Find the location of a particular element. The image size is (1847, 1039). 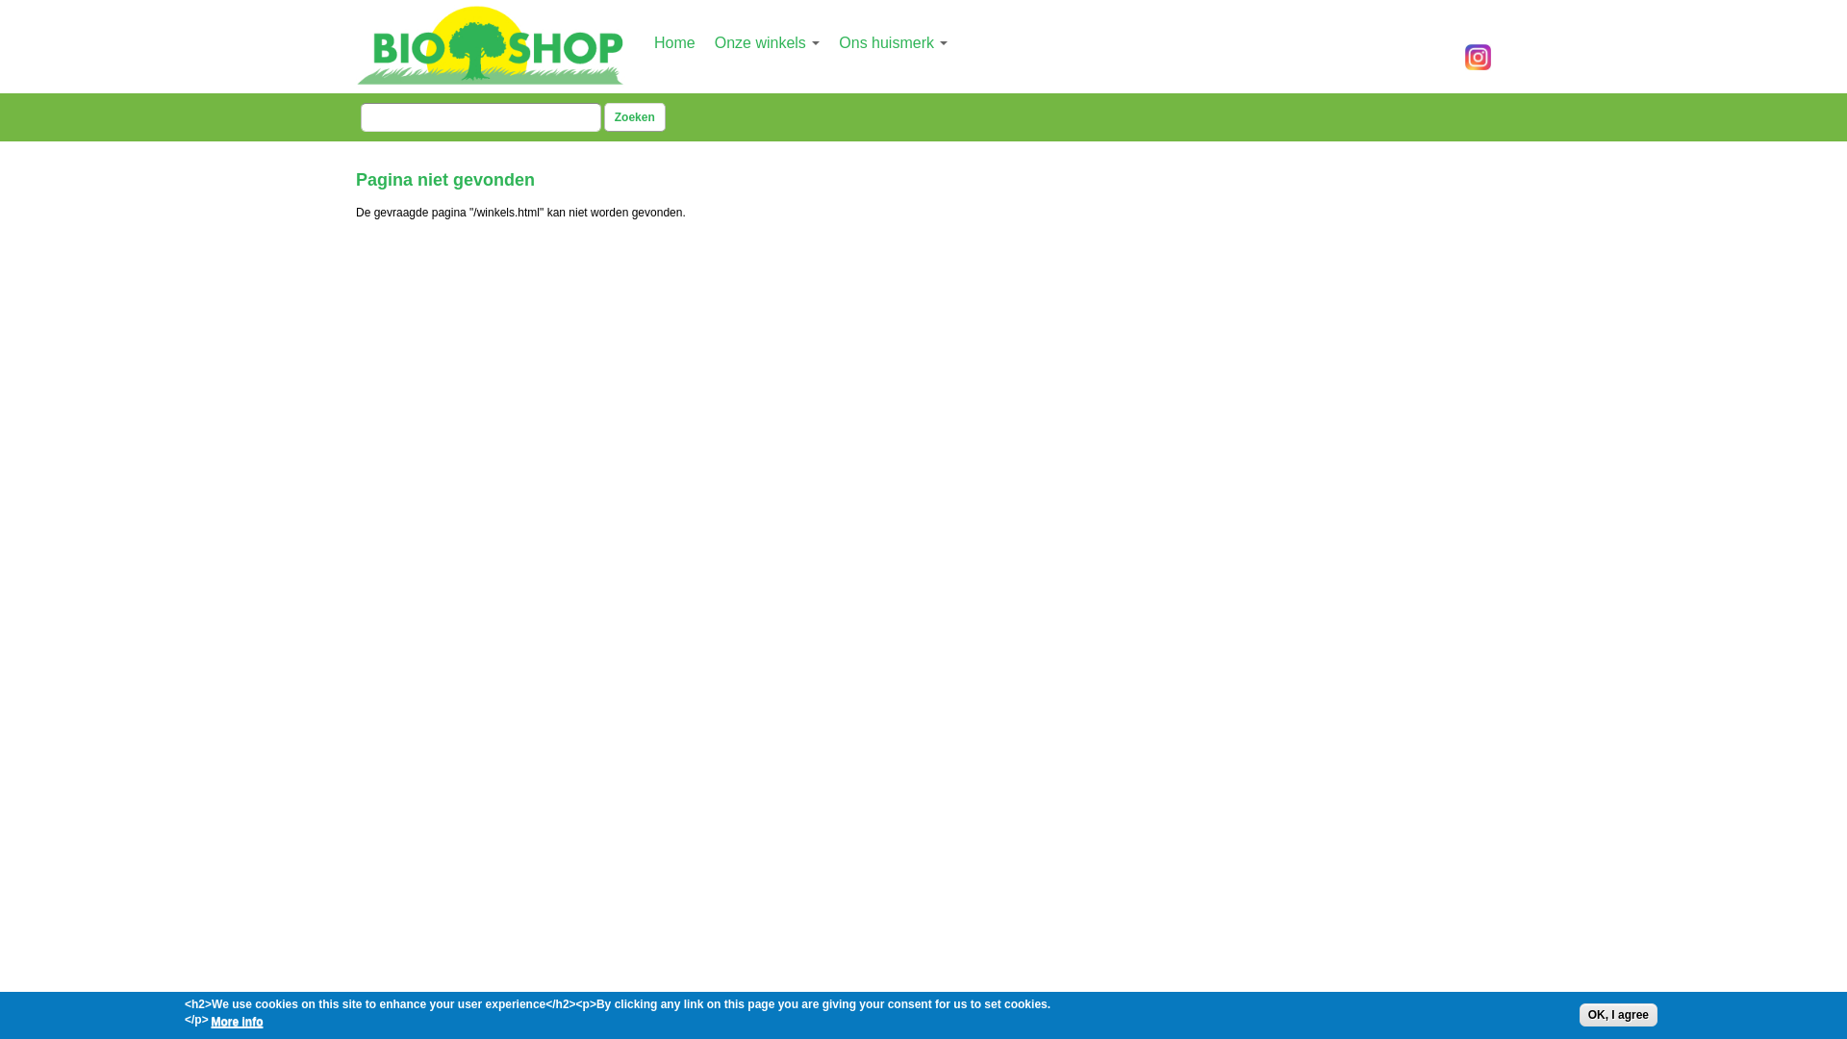

'Home' is located at coordinates (674, 42).